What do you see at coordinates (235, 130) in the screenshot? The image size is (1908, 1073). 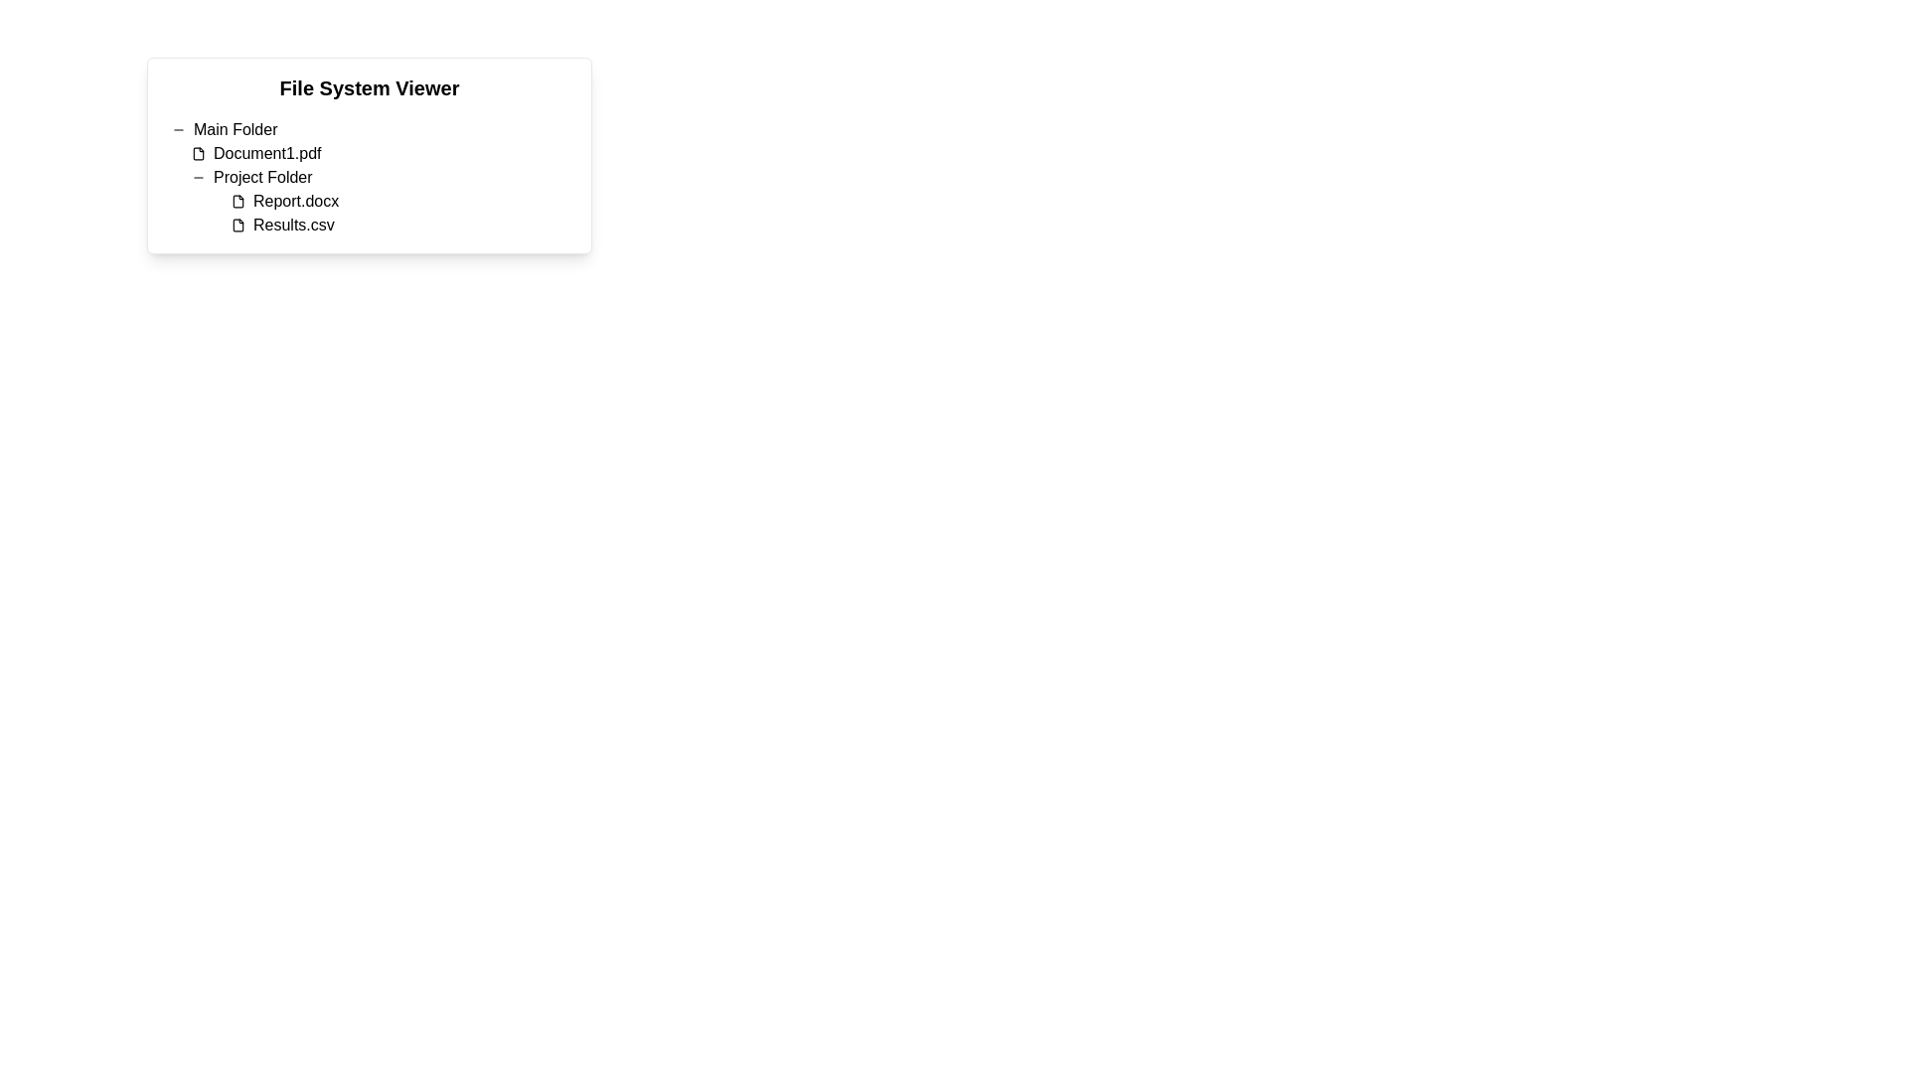 I see `the 'Main Folder' text label to interact with it, which is styled with standard text formatting and is positioned under the 'File System Viewer' heading` at bounding box center [235, 130].